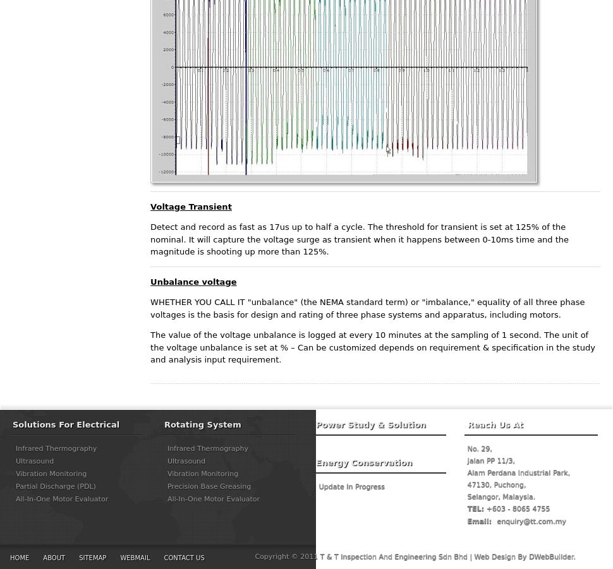  I want to click on 'Alam Perdana Industrial Park,', so click(518, 471).